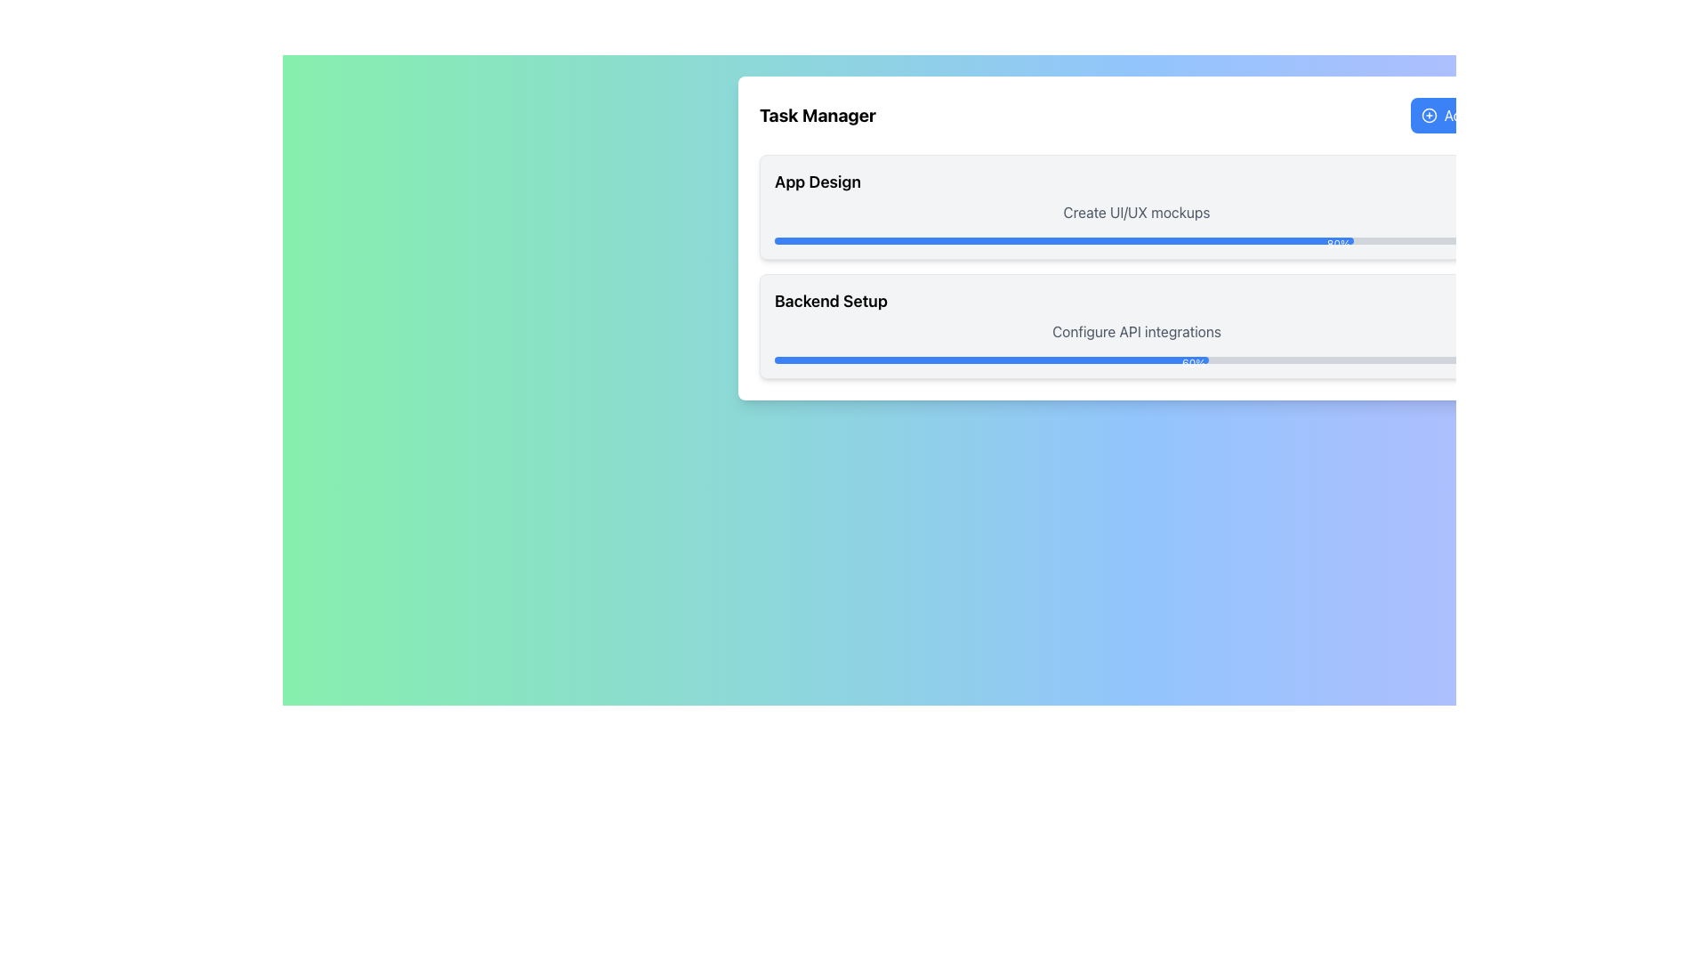 Image resolution: width=1708 pixels, height=961 pixels. Describe the element at coordinates (1064, 240) in the screenshot. I see `the progress percentage displayed at the end of the blue progress bar in the 'App Design' section of the task manager interface, which shows '80%'` at that location.